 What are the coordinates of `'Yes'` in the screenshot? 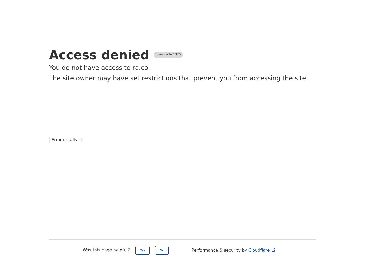 It's located at (140, 250).